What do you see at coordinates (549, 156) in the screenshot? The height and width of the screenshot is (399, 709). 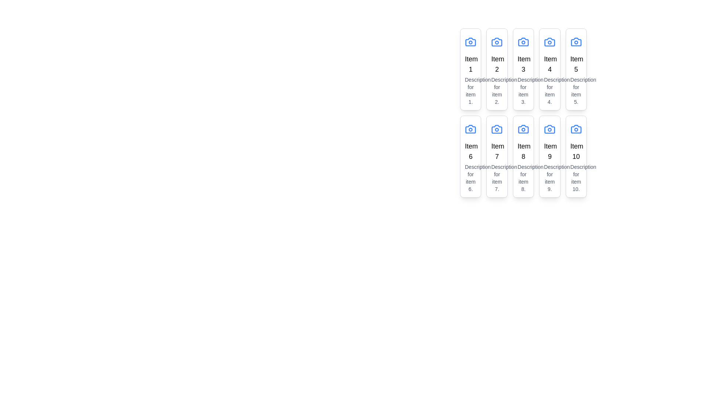 I see `the Card component representing 'Item 9', which is the fifth card in the second row of the grid layout` at bounding box center [549, 156].